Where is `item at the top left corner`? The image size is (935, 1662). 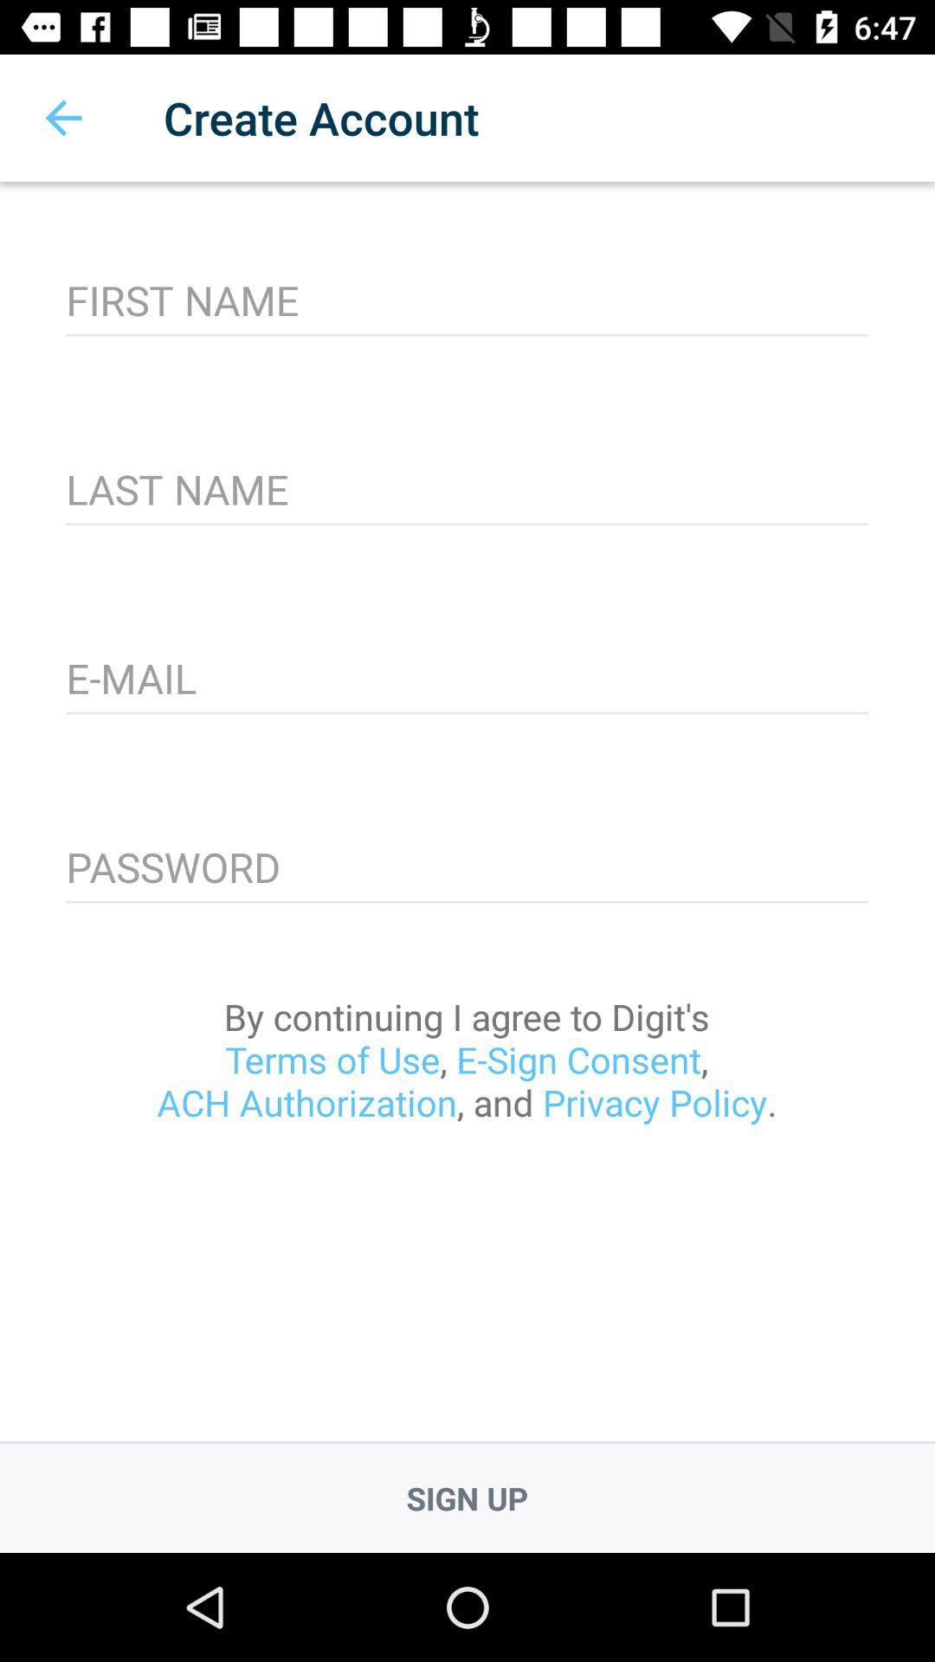
item at the top left corner is located at coordinates (62, 117).